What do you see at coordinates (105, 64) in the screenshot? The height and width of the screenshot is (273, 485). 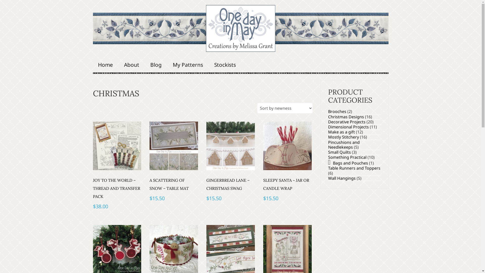 I see `'Home'` at bounding box center [105, 64].